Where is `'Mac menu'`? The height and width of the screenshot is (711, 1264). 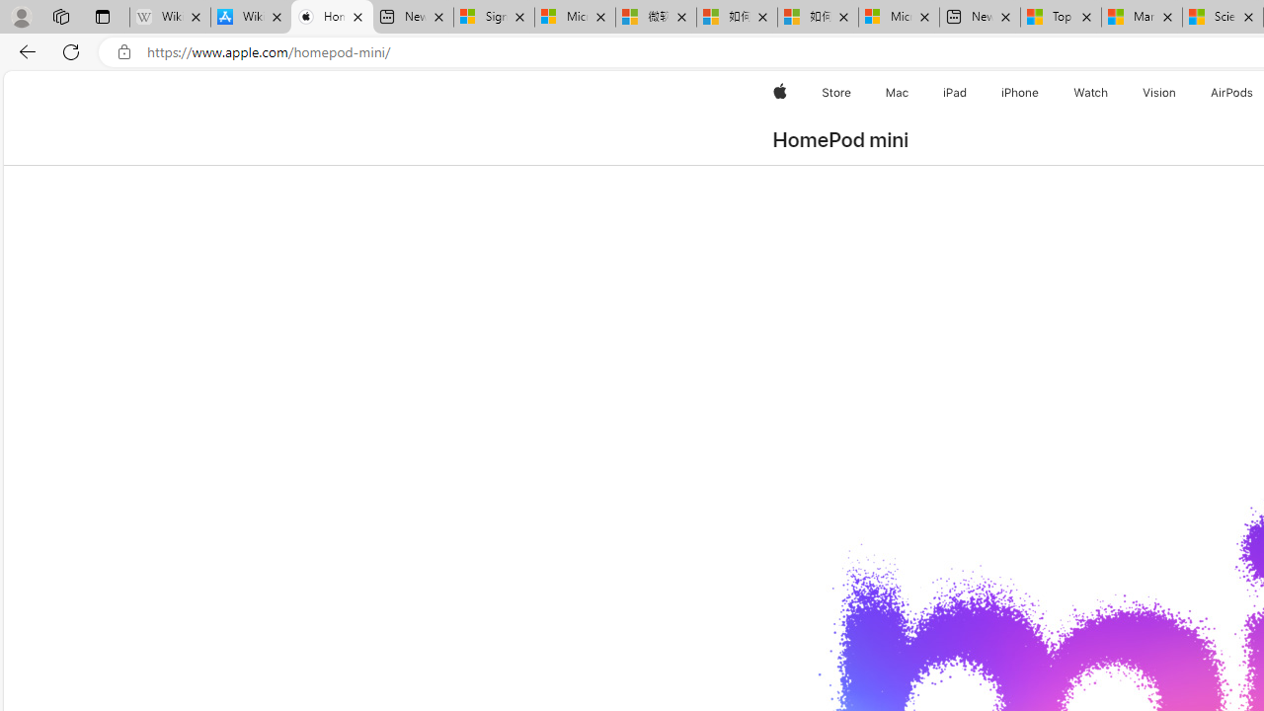
'Mac menu' is located at coordinates (909, 92).